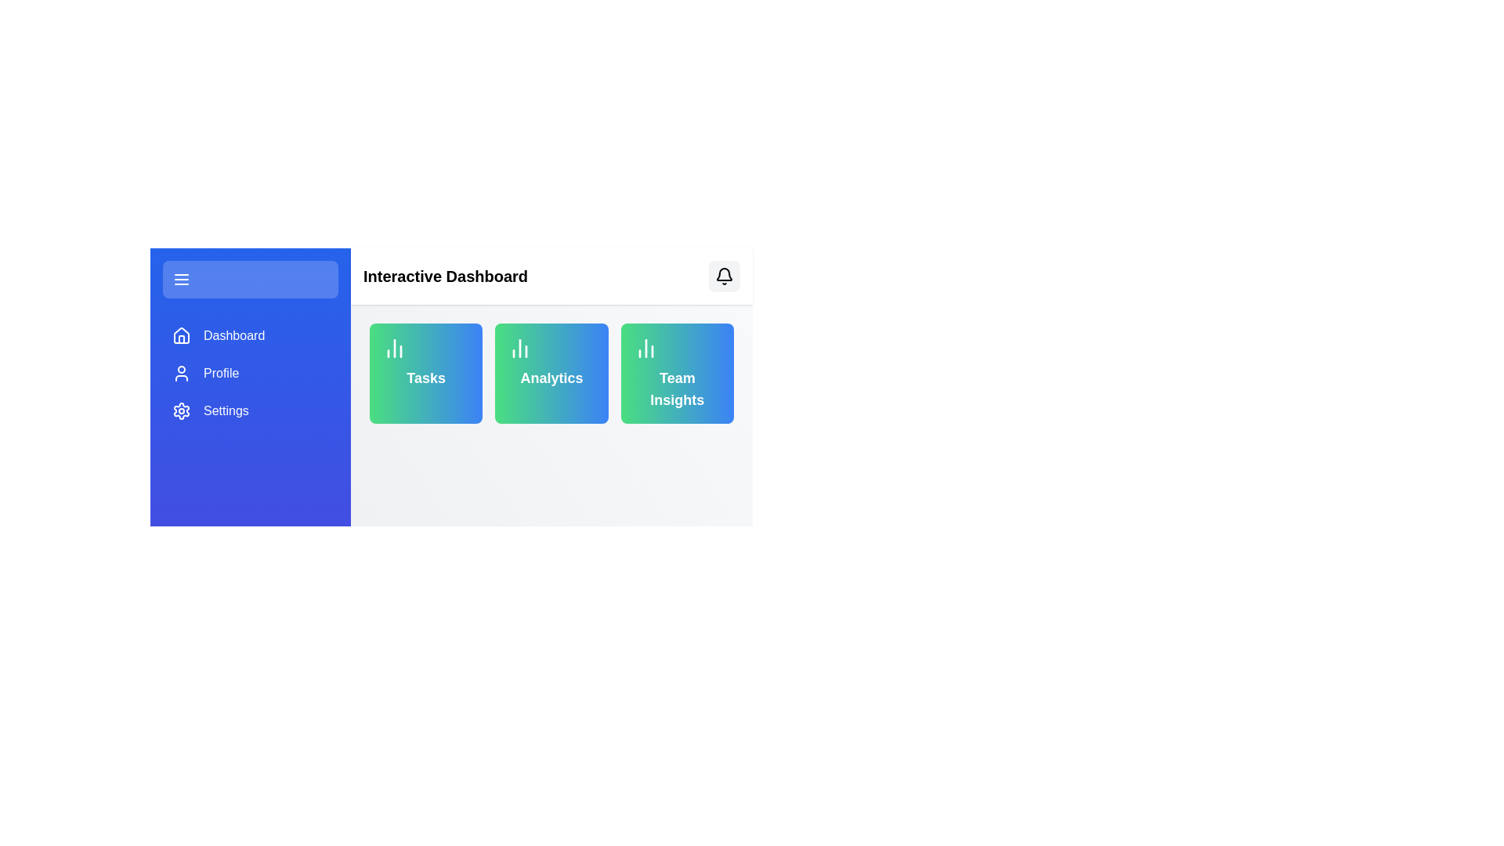 The image size is (1504, 846). I want to click on the 'Team Insights' icon, the first visual component within the rounded rectangle labeled 'Team Insights', so click(645, 347).